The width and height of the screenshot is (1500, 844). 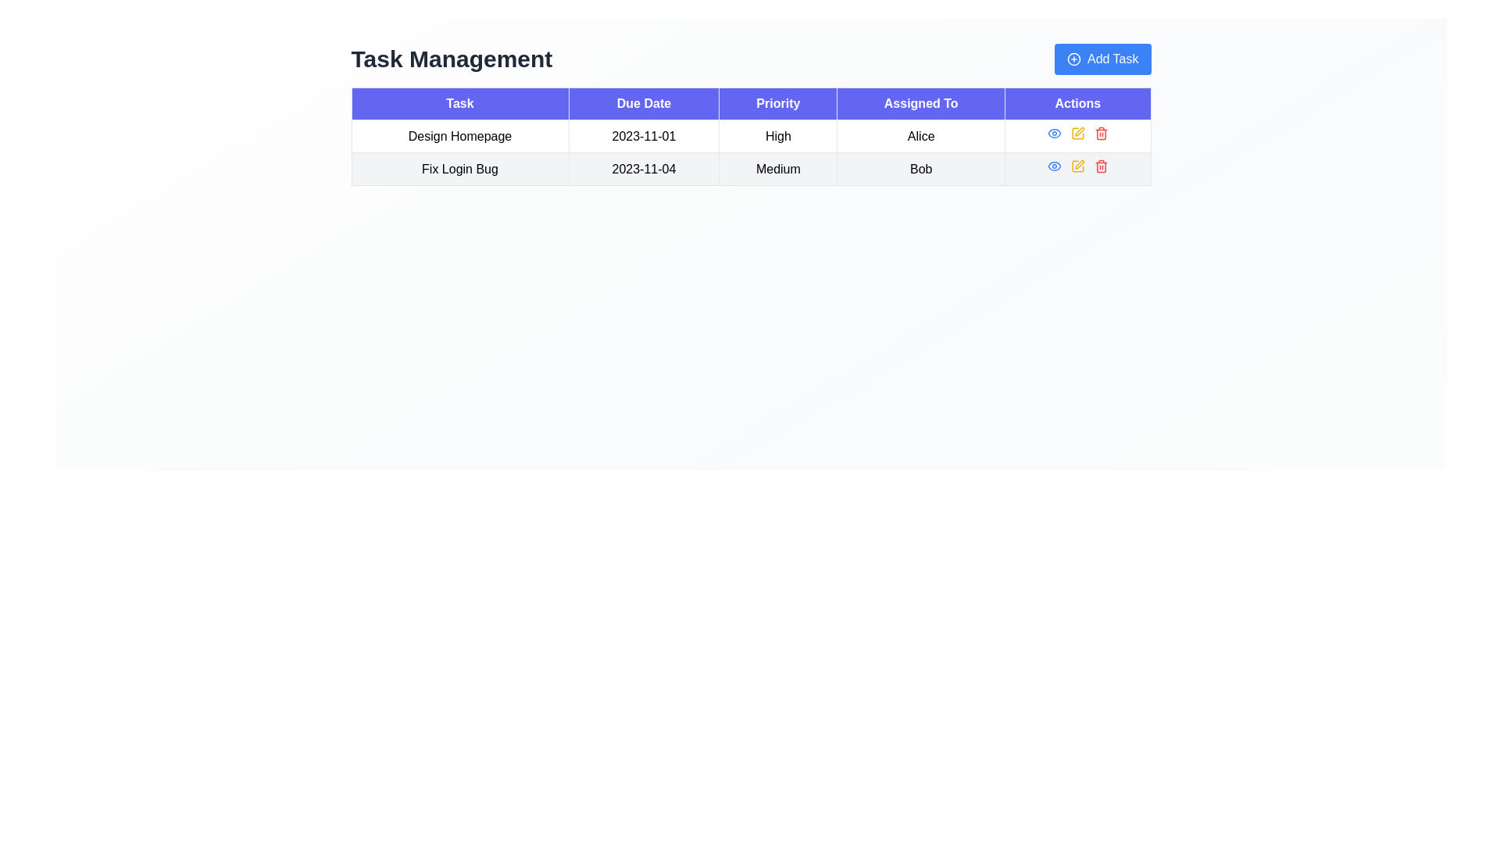 I want to click on the 'edit' icon button in the 'Actions' column, second row, for the task 'Fix Login Bug', so click(x=1079, y=164).